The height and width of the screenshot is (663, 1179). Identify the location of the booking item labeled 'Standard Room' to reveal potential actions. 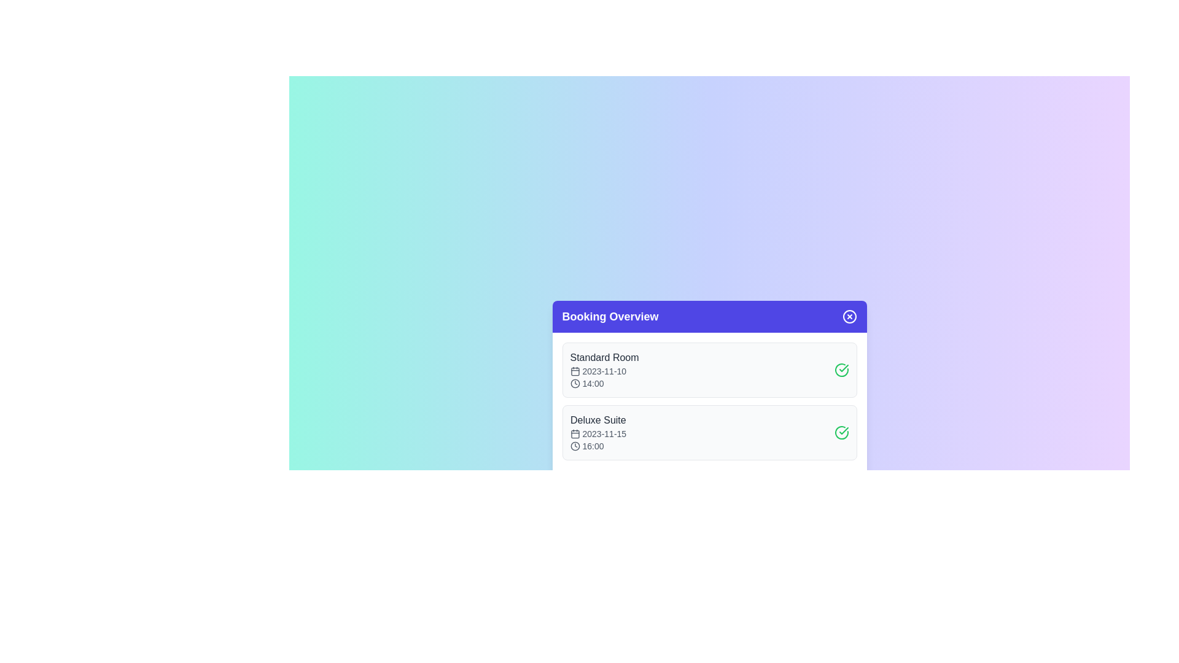
(709, 369).